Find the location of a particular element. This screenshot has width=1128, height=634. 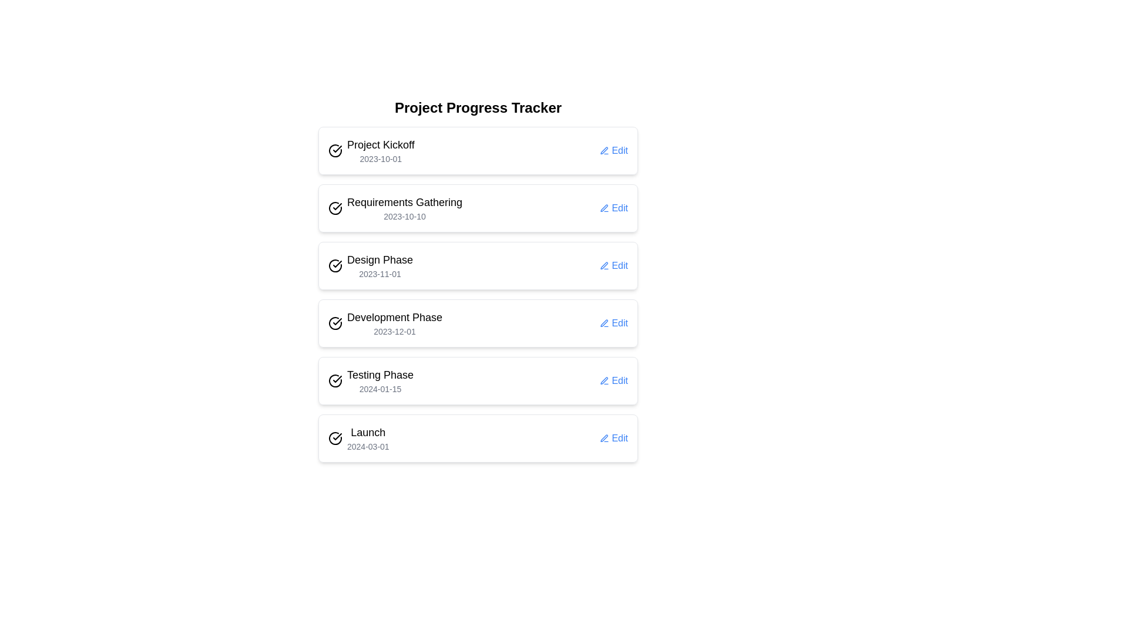

text content of the label that indicates 'Development Phase' with the associated date '2023-12-01', located in the fourth card-like section under the 'Project Progress Tracker' heading is located at coordinates (395, 323).